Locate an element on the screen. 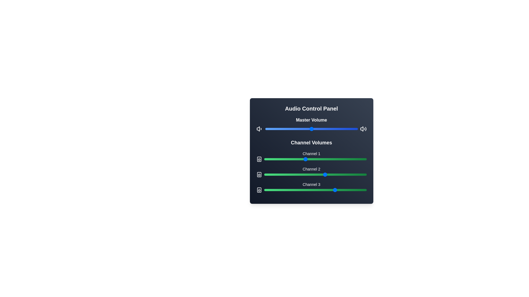 The height and width of the screenshot is (297, 529). the blue thumb control of the 'Channel 1' slider is located at coordinates (311, 156).